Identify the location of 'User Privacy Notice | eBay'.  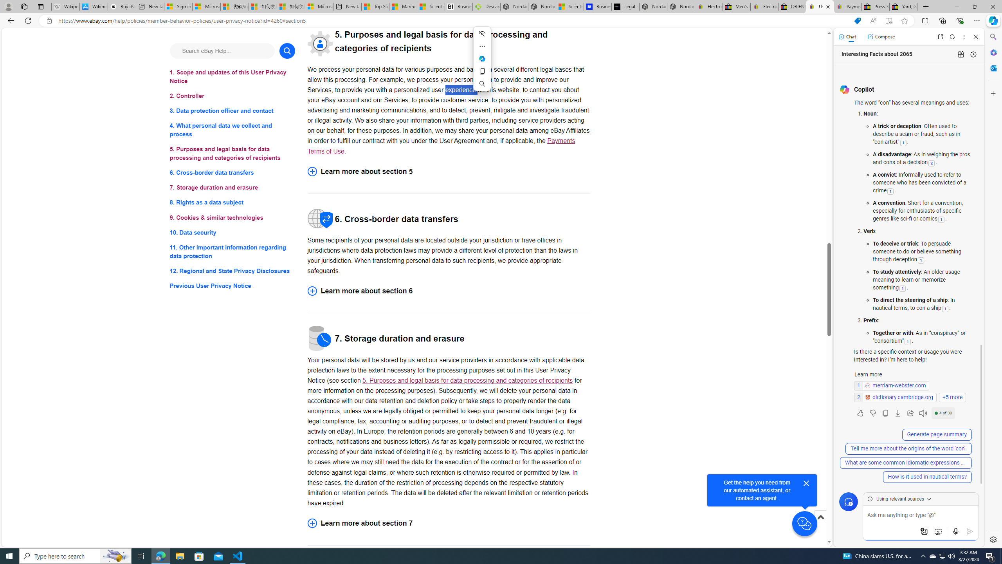
(820, 6).